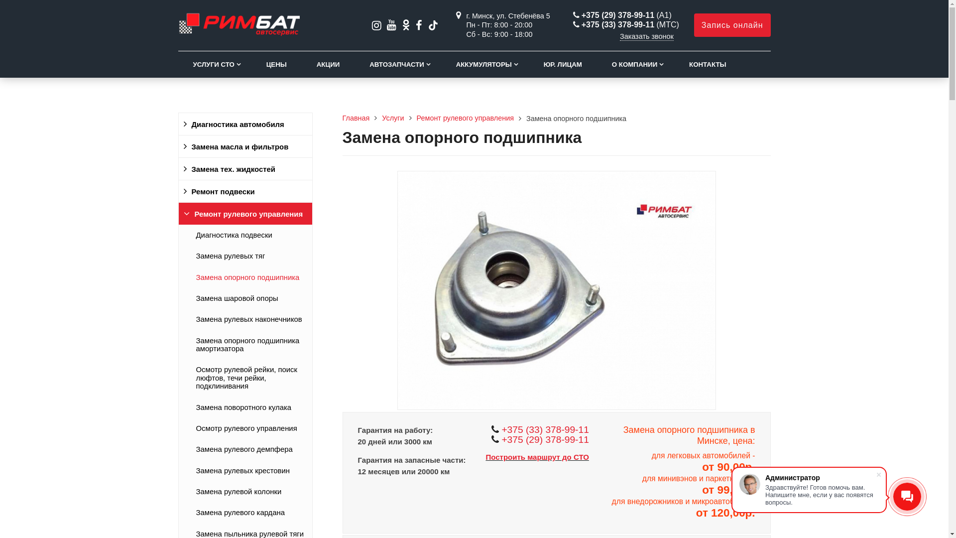 The image size is (956, 538). What do you see at coordinates (621, 15) in the screenshot?
I see `'+375 (29) 378-99-11 (A1)'` at bounding box center [621, 15].